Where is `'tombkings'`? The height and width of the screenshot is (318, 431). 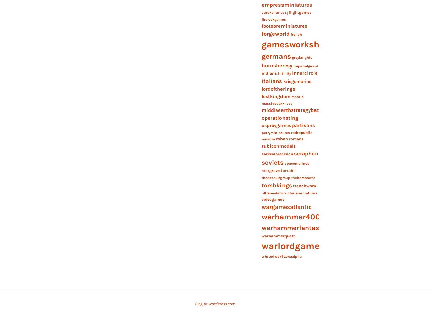
'tombkings' is located at coordinates (276, 185).